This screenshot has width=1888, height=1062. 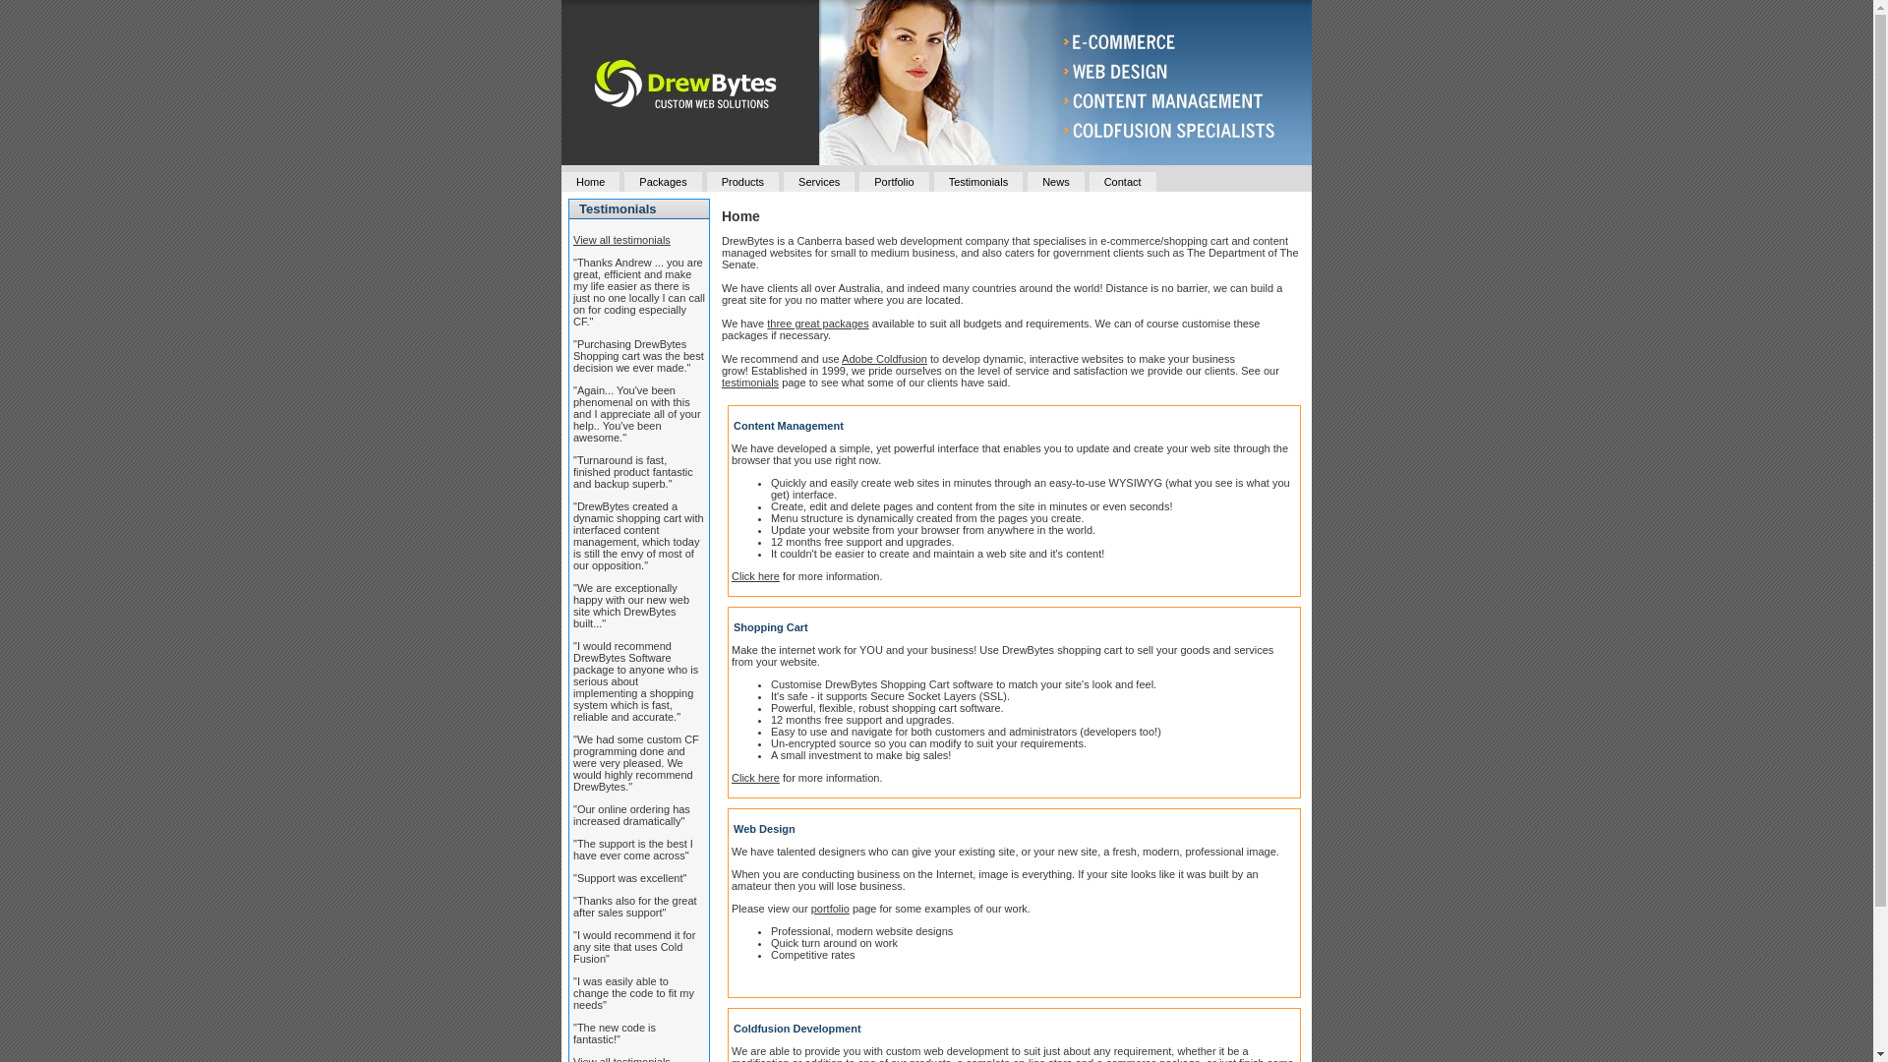 I want to click on 'Home', so click(x=589, y=182).